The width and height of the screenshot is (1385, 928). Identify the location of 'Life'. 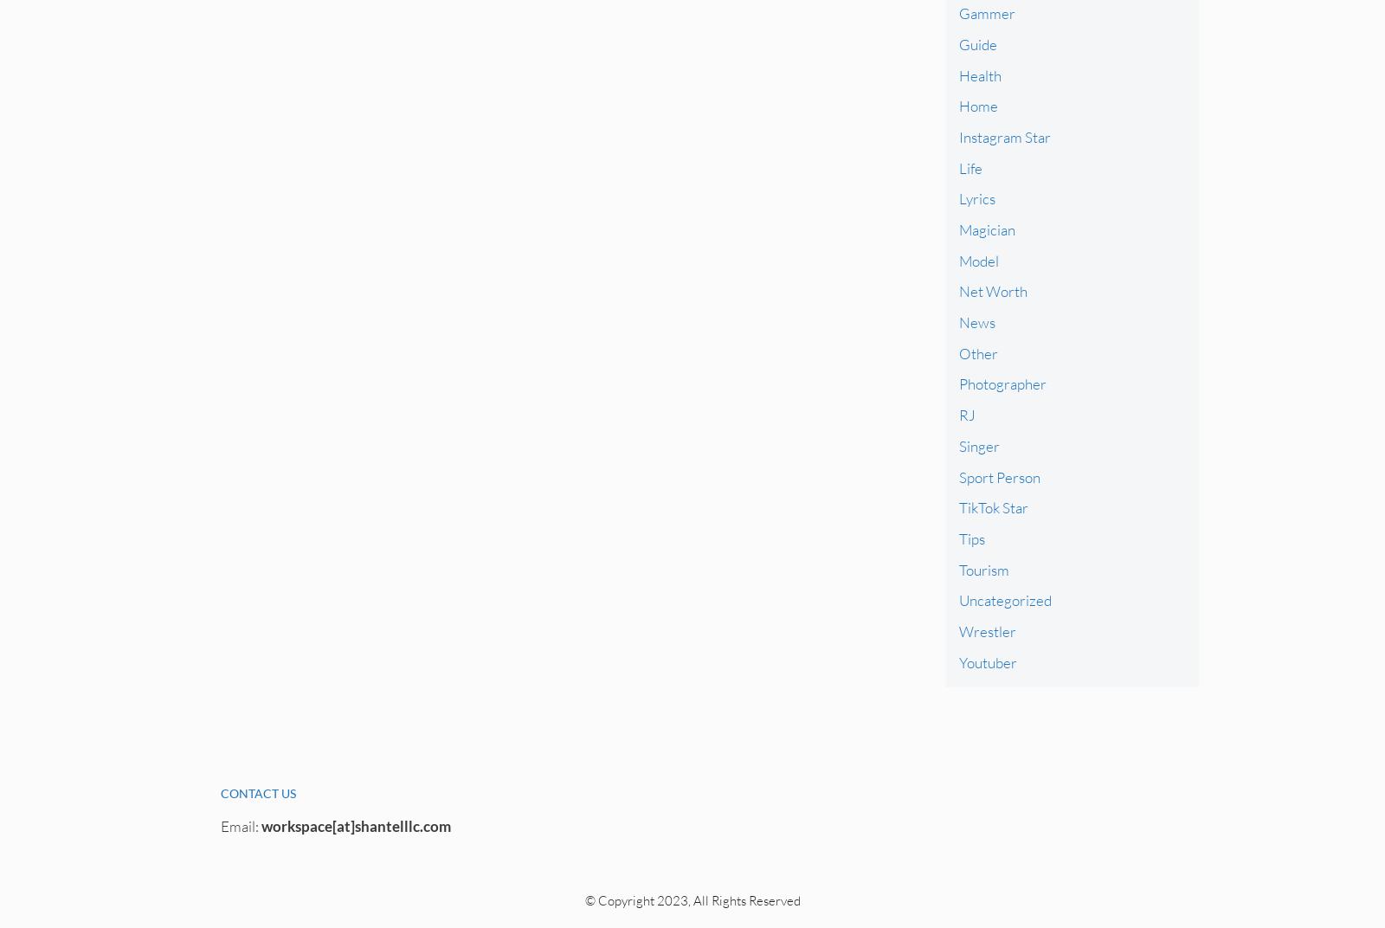
(958, 166).